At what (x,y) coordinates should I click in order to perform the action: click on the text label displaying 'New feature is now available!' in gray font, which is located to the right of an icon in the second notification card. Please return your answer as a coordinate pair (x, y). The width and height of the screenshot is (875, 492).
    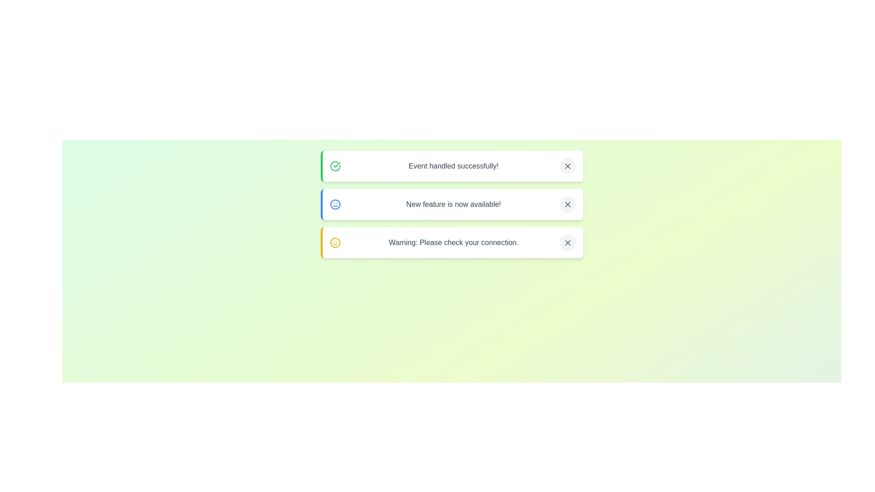
    Looking at the image, I should click on (453, 204).